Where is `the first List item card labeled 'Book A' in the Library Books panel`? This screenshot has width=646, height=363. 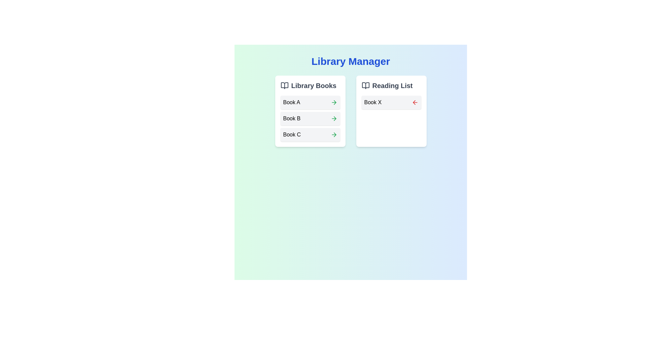 the first List item card labeled 'Book A' in the Library Books panel is located at coordinates (310, 102).